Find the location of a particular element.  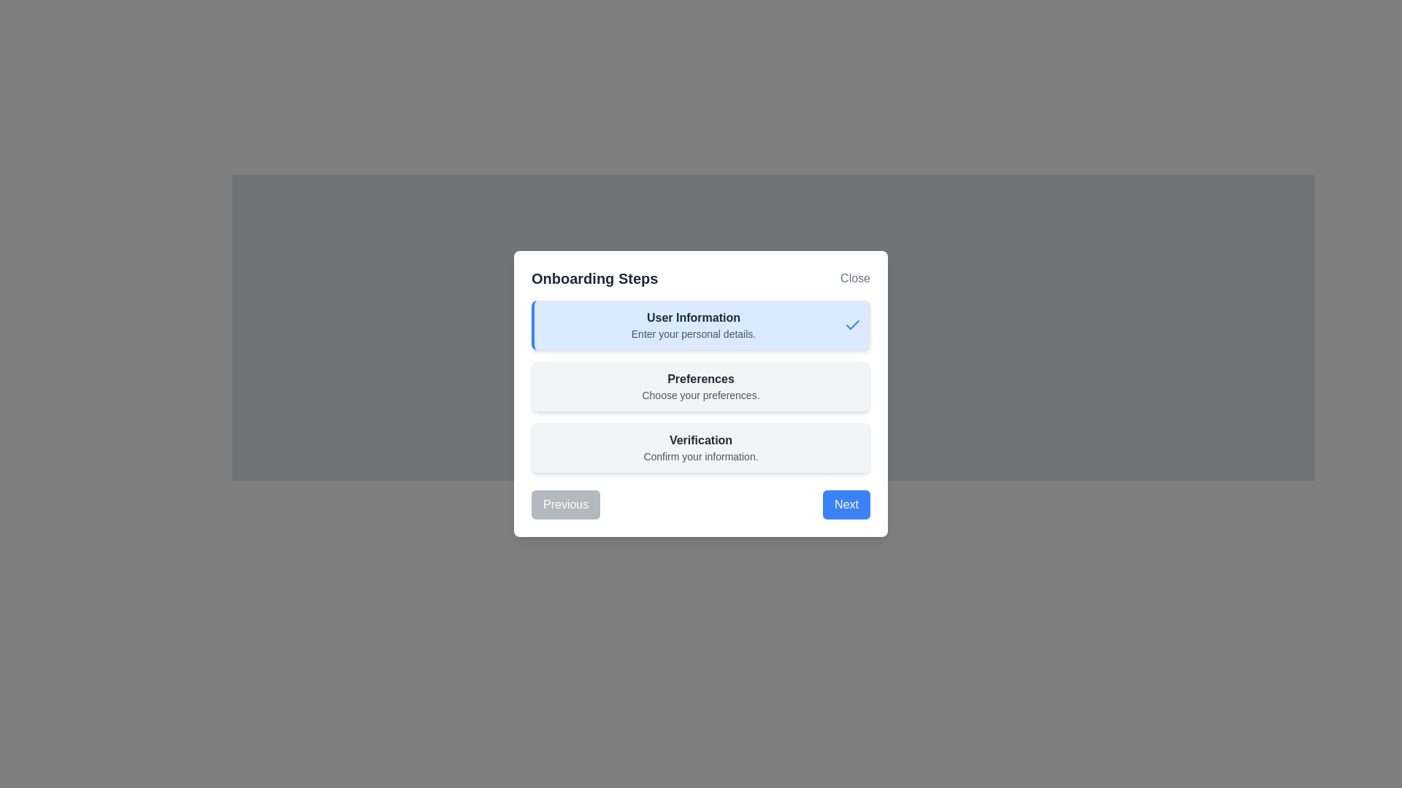

the blue 'Next' button with white text is located at coordinates (846, 503).